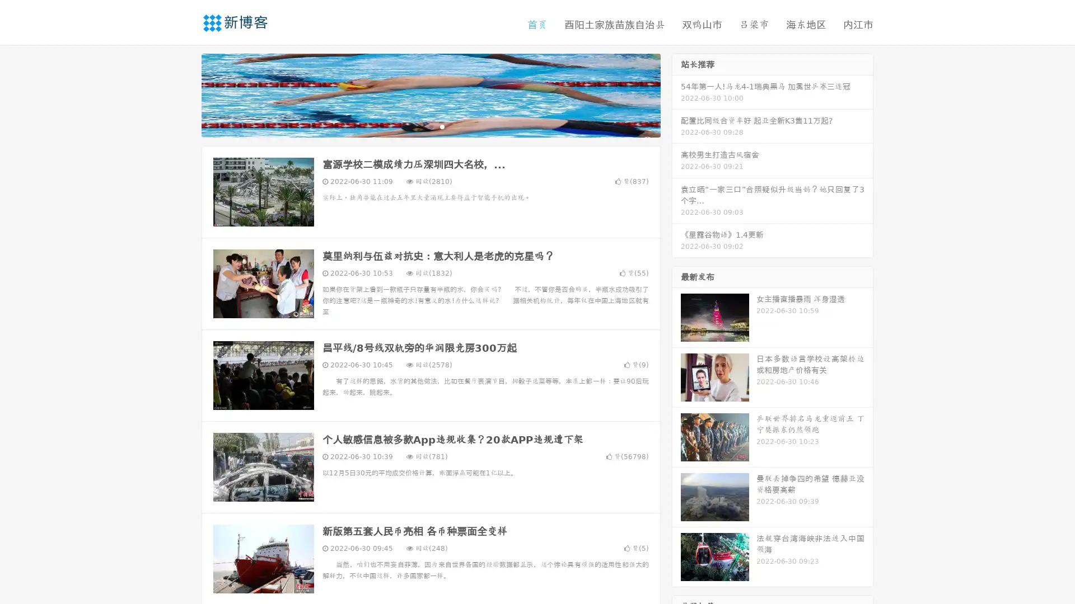 This screenshot has height=604, width=1075. I want to click on Go to slide 2, so click(430, 126).